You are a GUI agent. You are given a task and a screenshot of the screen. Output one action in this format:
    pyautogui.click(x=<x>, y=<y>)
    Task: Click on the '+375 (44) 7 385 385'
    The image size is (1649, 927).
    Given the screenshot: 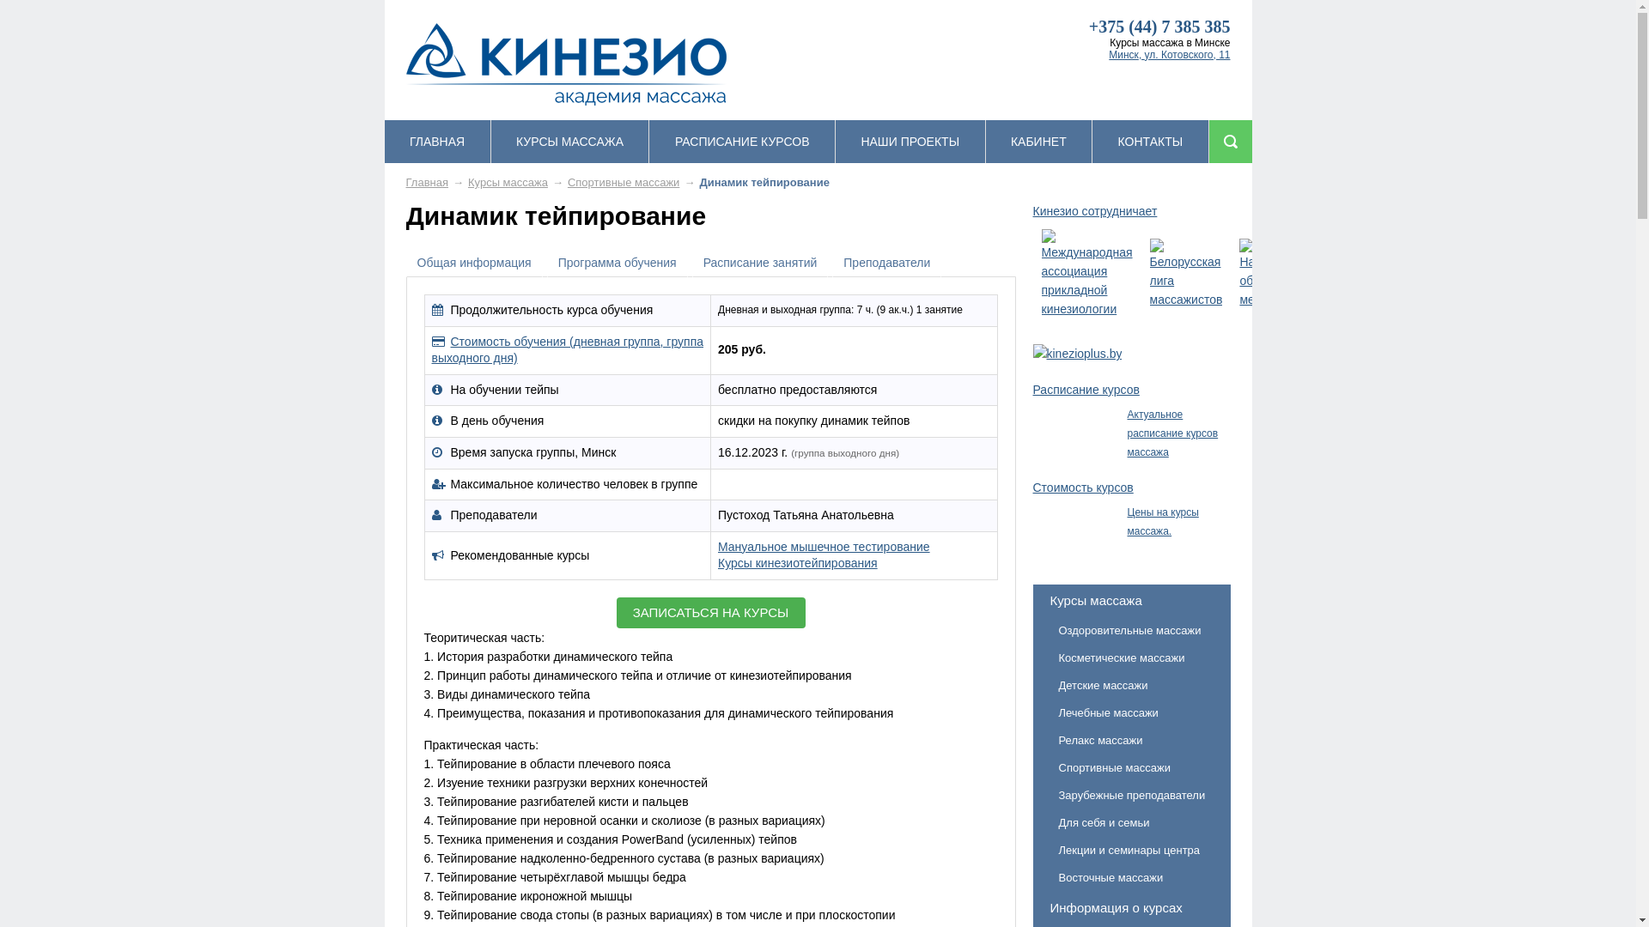 What is the action you would take?
    pyautogui.click(x=1159, y=26)
    